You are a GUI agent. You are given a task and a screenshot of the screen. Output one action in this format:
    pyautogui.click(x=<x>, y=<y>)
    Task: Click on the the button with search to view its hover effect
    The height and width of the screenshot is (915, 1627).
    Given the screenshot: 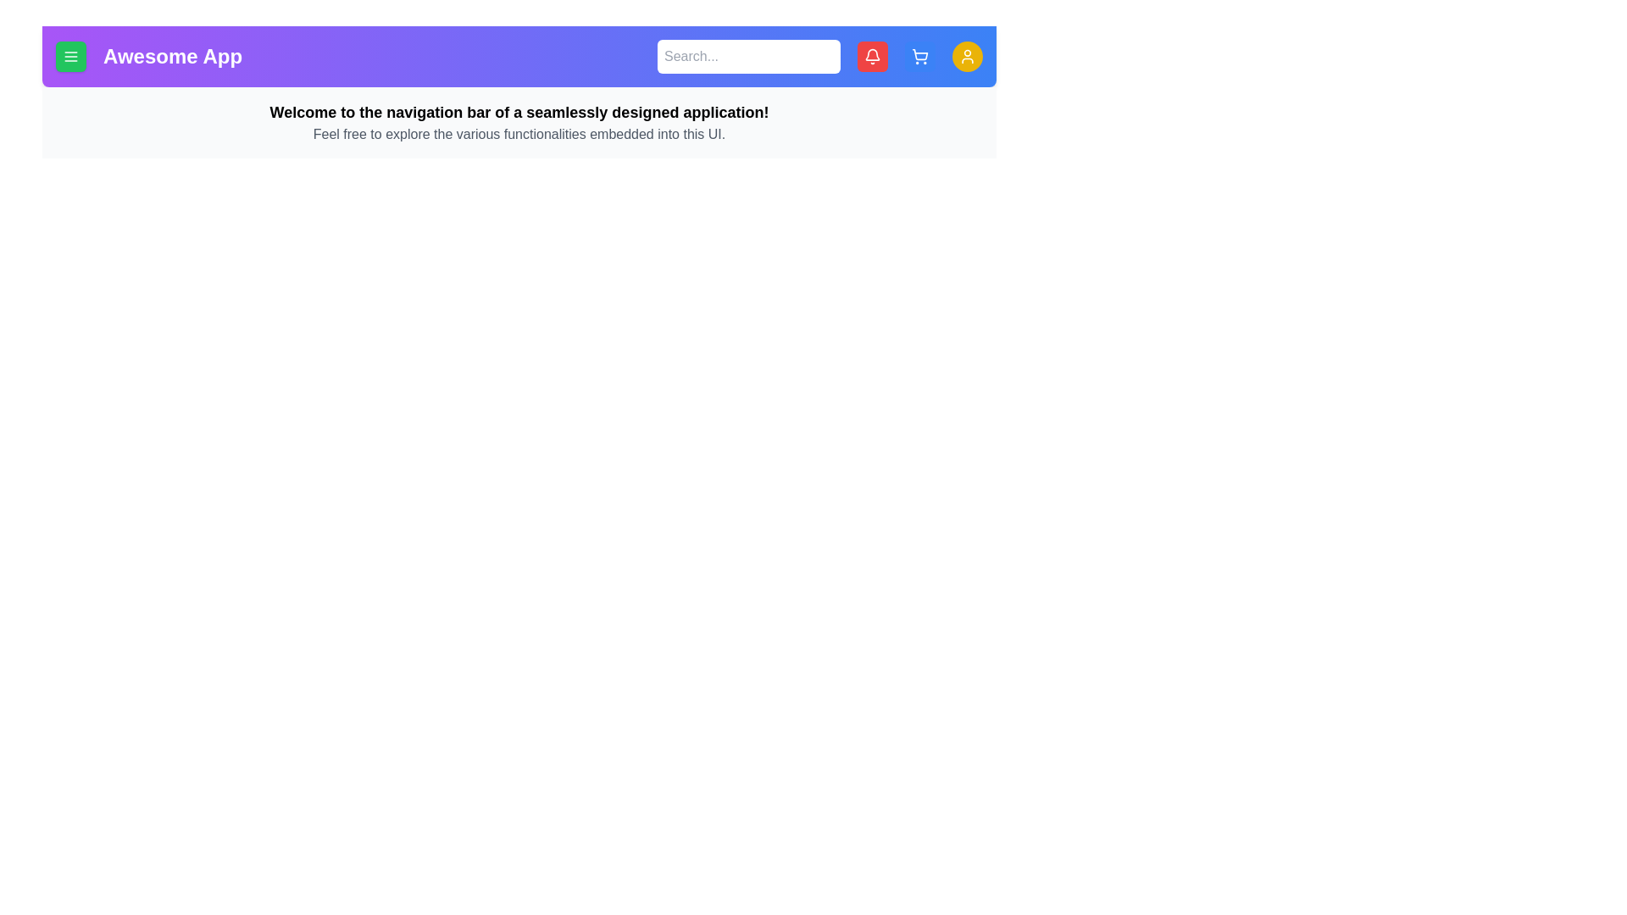 What is the action you would take?
    pyautogui.click(x=747, y=55)
    